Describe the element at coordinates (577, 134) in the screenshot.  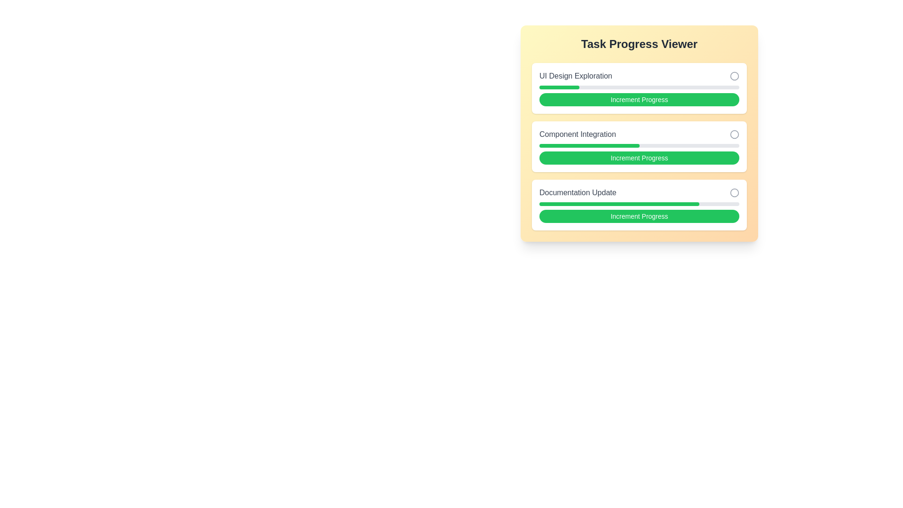
I see `the label displaying 'Component Integration' which is located between 'UI Design Exploration' and 'Documentation Update' in the task progress viewer` at that location.